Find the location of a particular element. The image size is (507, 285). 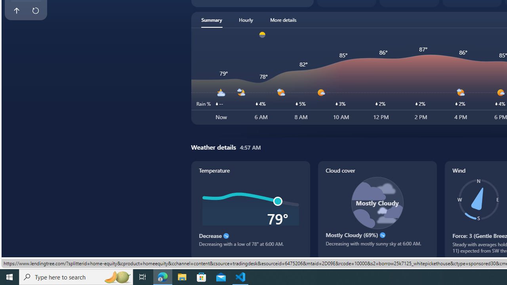

'More details' is located at coordinates (283, 19).